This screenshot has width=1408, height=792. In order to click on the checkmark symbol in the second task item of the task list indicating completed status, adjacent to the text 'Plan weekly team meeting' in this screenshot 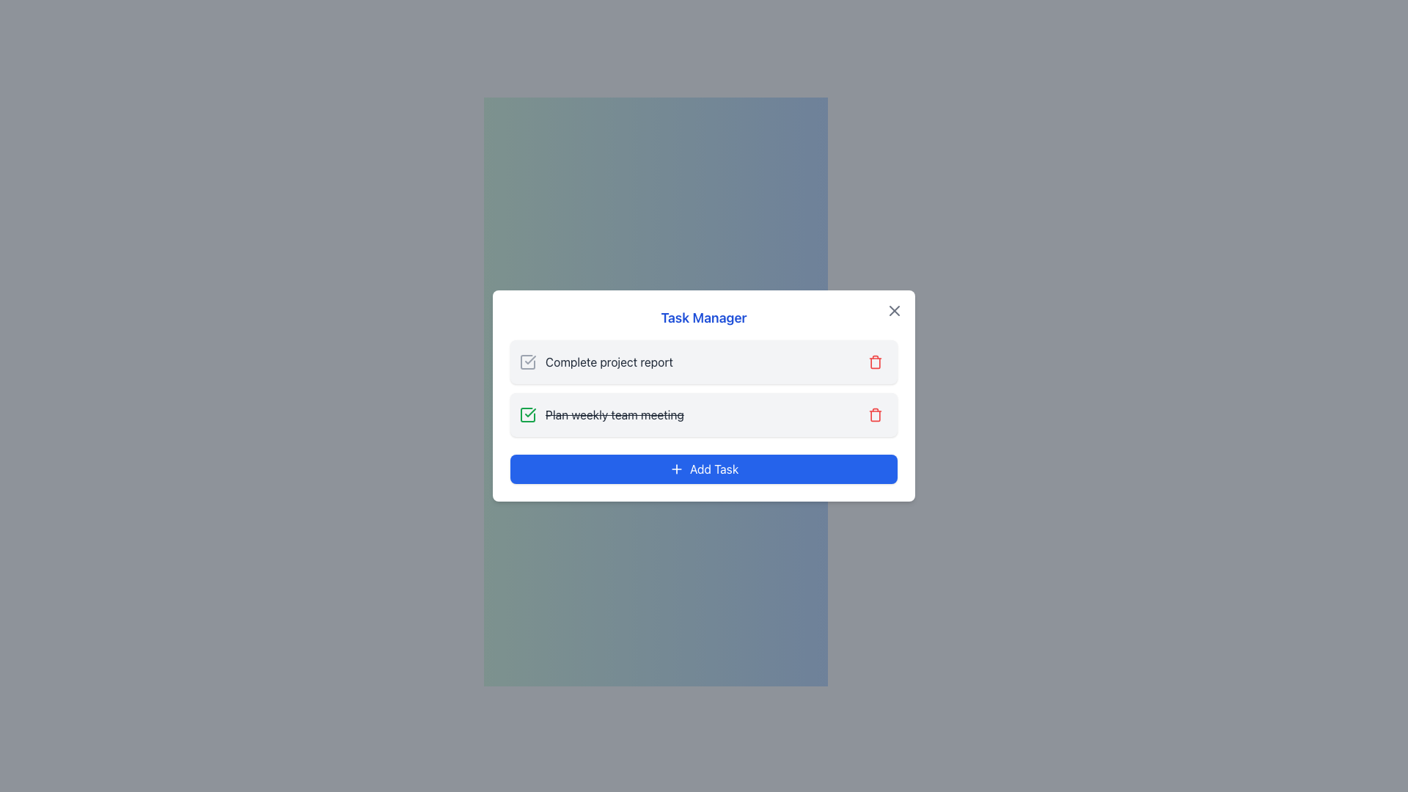, I will do `click(529, 359)`.